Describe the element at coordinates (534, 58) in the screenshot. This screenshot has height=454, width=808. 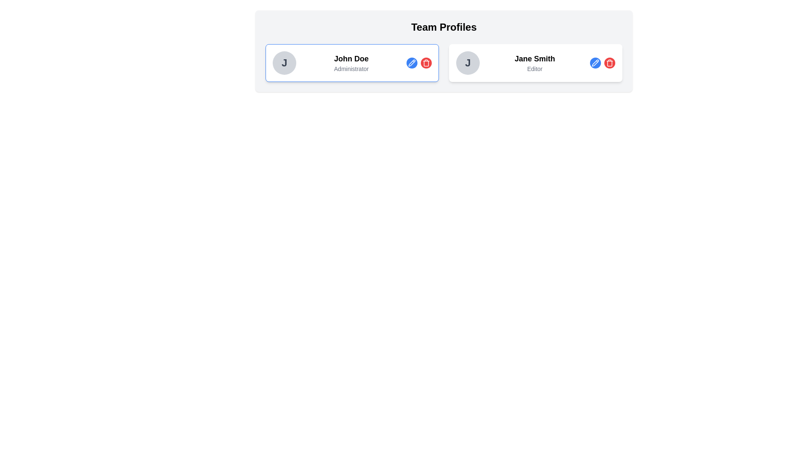
I see `the text label 'Jane Smith' located` at that location.